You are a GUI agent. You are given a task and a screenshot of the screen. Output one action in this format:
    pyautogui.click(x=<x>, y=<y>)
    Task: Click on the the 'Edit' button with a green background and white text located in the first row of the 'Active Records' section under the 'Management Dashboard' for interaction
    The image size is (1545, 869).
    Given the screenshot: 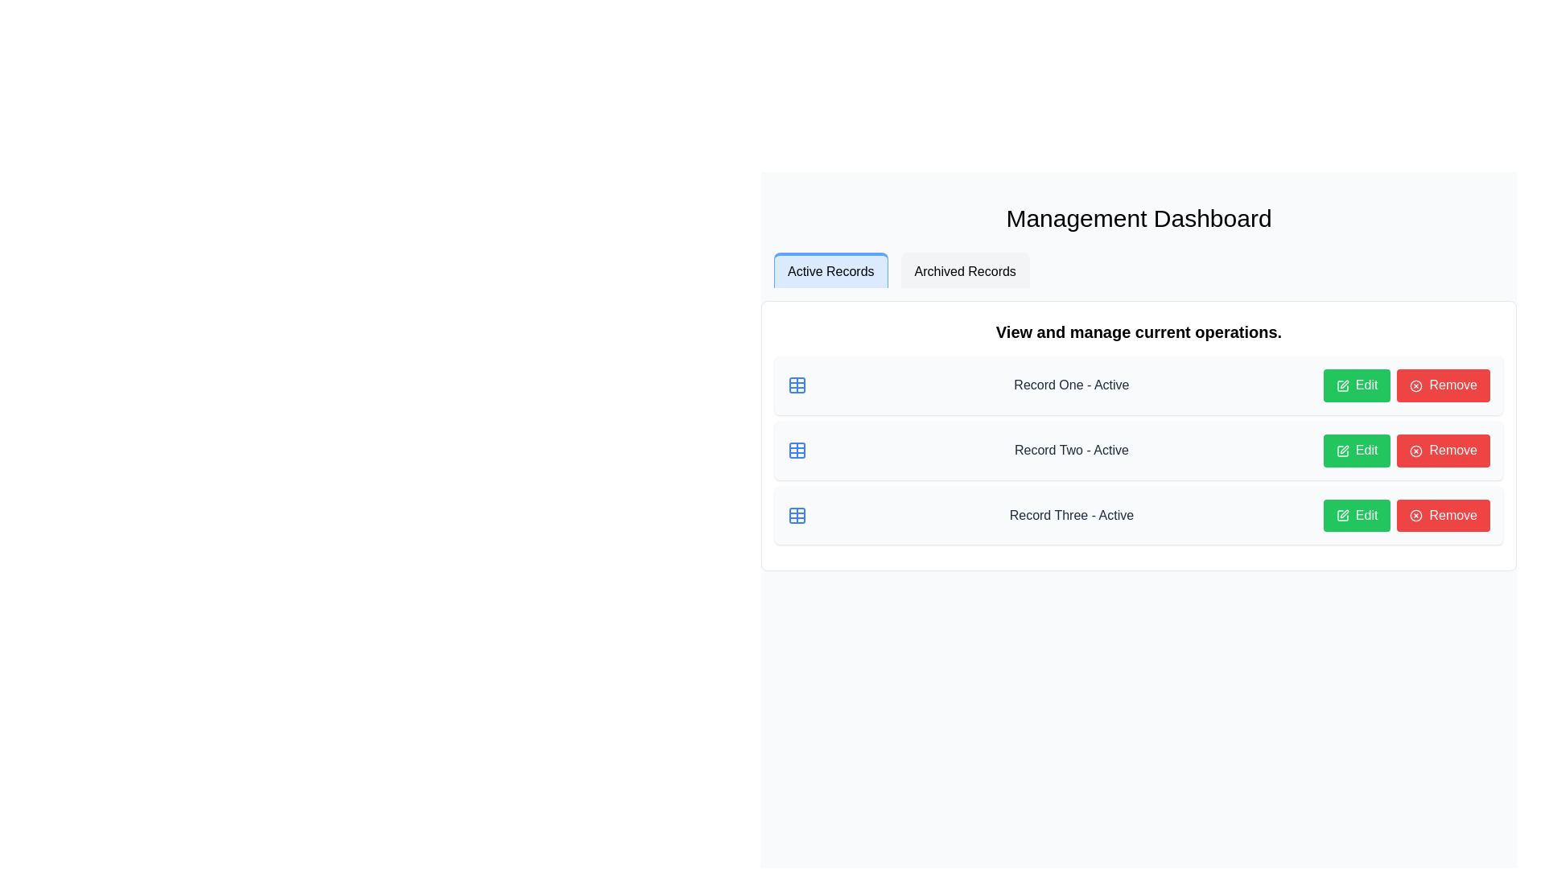 What is the action you would take?
    pyautogui.click(x=1356, y=385)
    